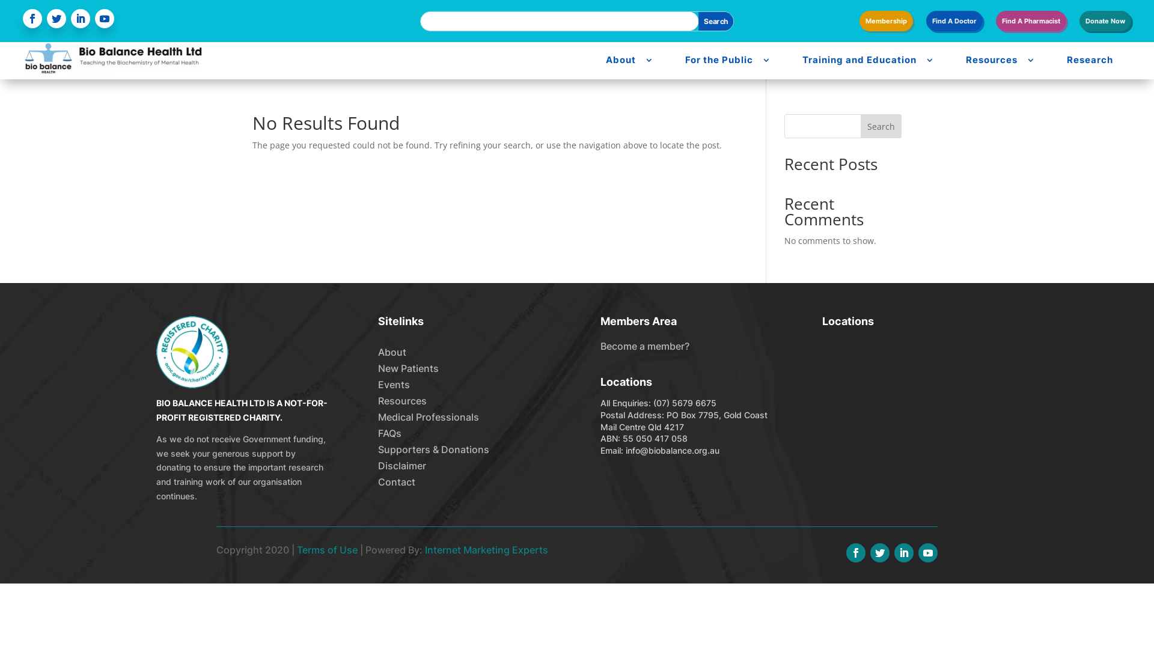 The image size is (1154, 649). I want to click on 'Follow on Twitter', so click(56, 18).